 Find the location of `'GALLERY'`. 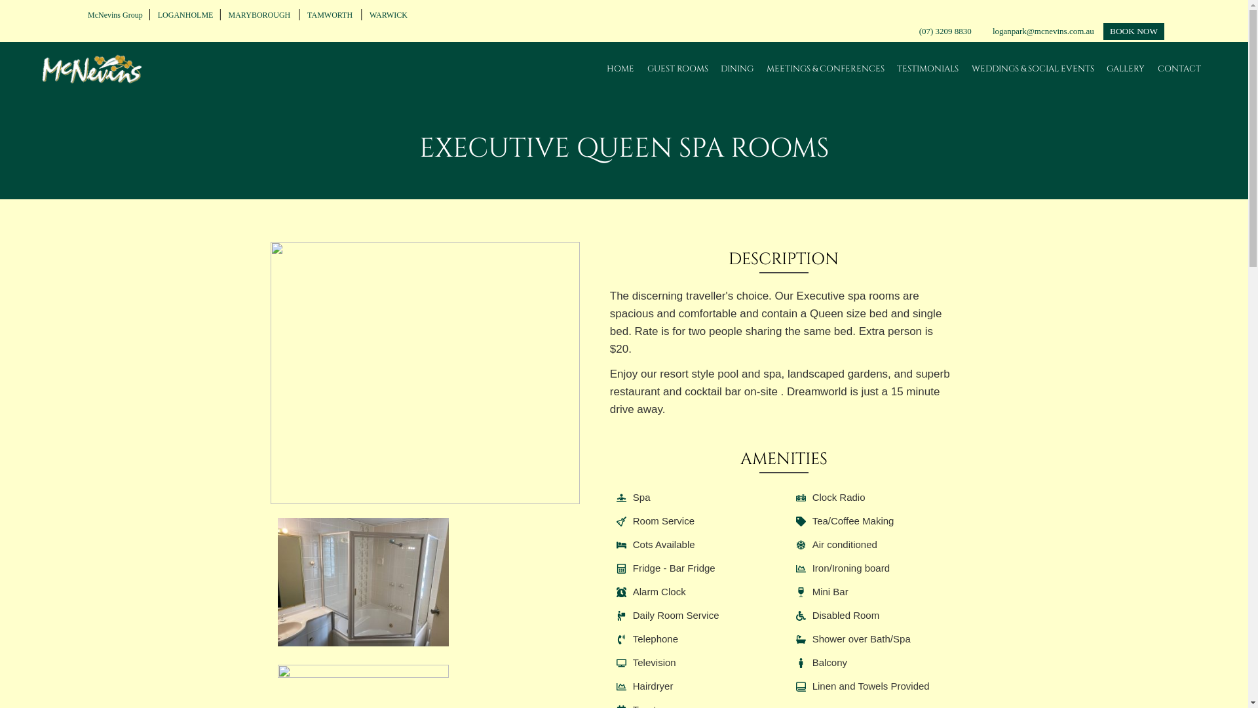

'GALLERY' is located at coordinates (1106, 68).